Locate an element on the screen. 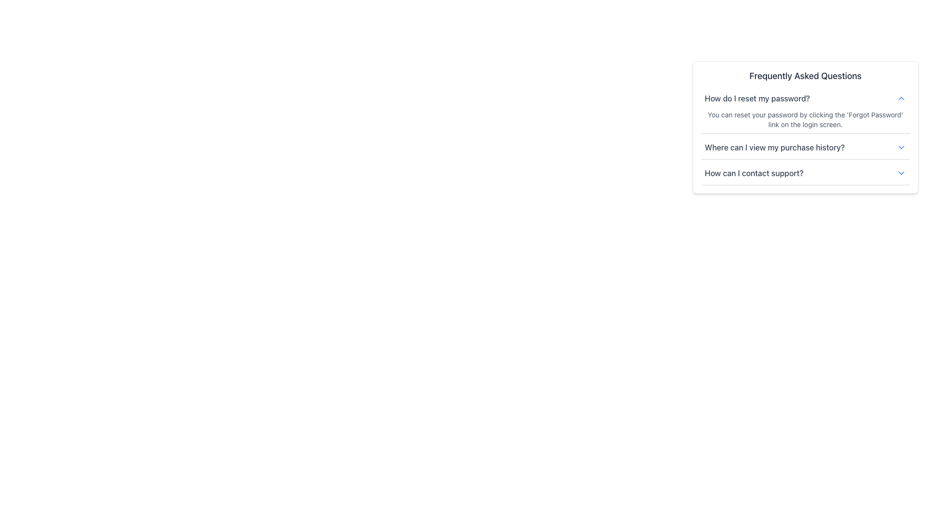  the second question in the FAQ list, which is titled 'Where can I view my purchase history?' is located at coordinates (805, 149).